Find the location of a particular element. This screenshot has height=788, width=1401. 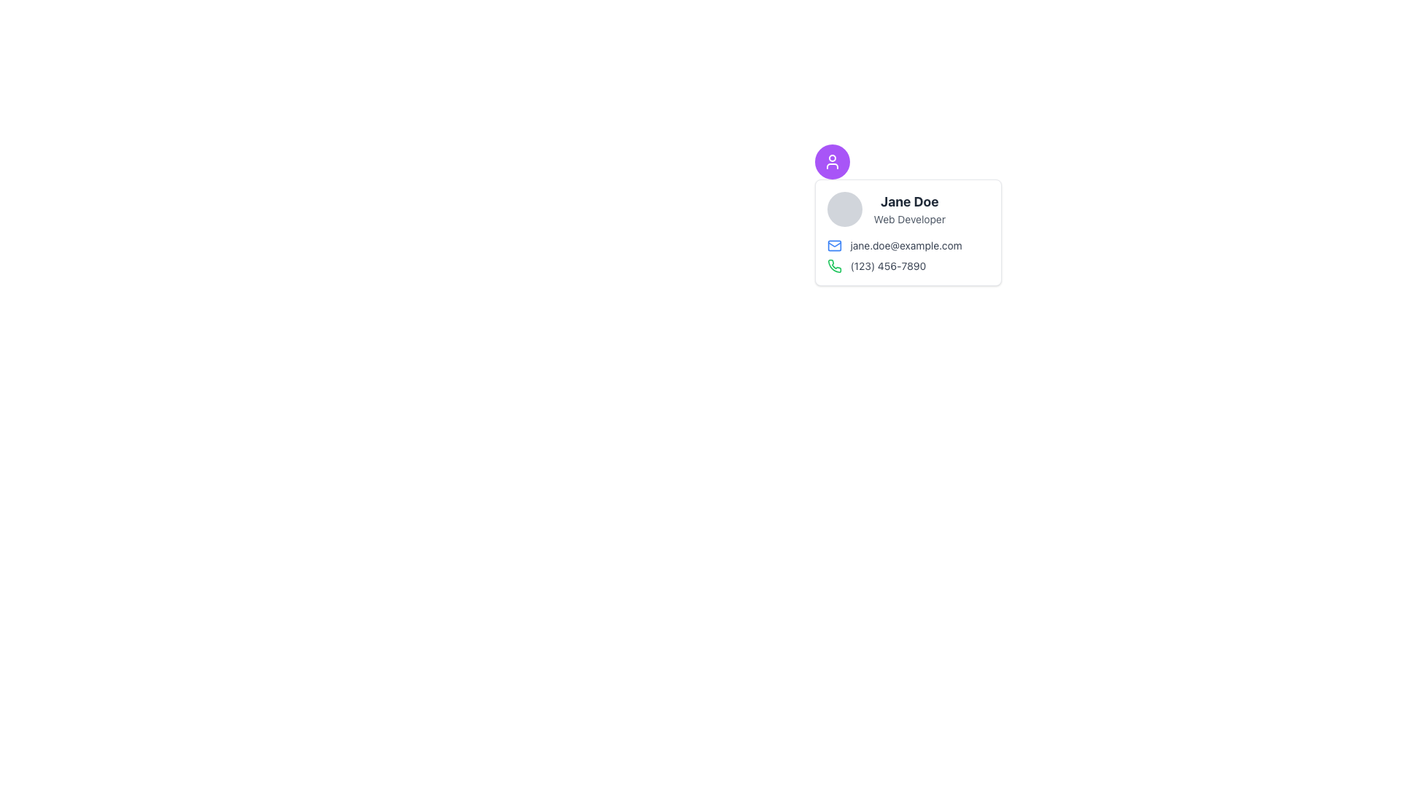

the user profile silhouette icon with a purple circular background located in the upper-left corner of the user information card is located at coordinates (832, 162).